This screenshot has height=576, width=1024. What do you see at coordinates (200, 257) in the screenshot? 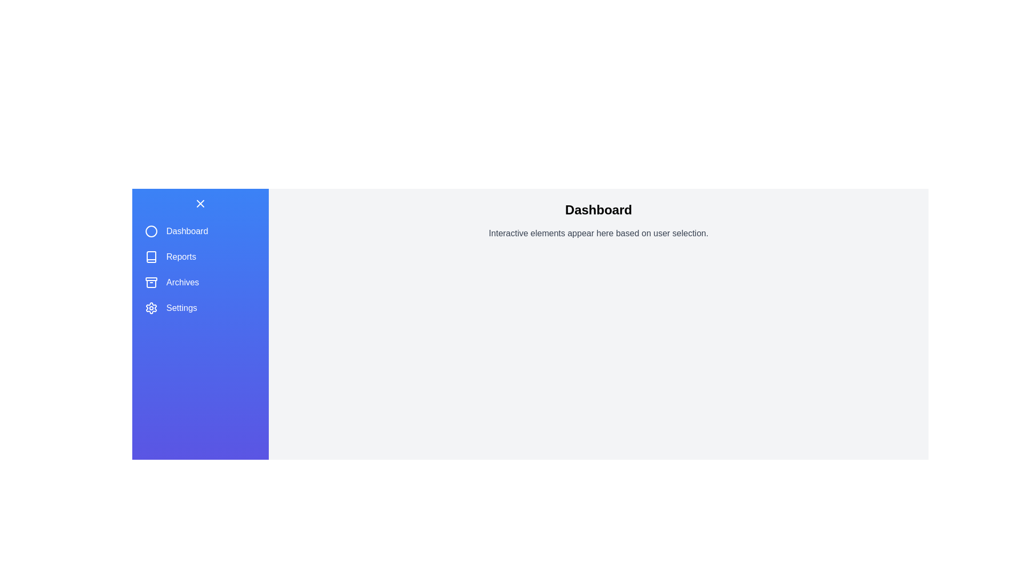
I see `the menu item labeled Reports` at bounding box center [200, 257].